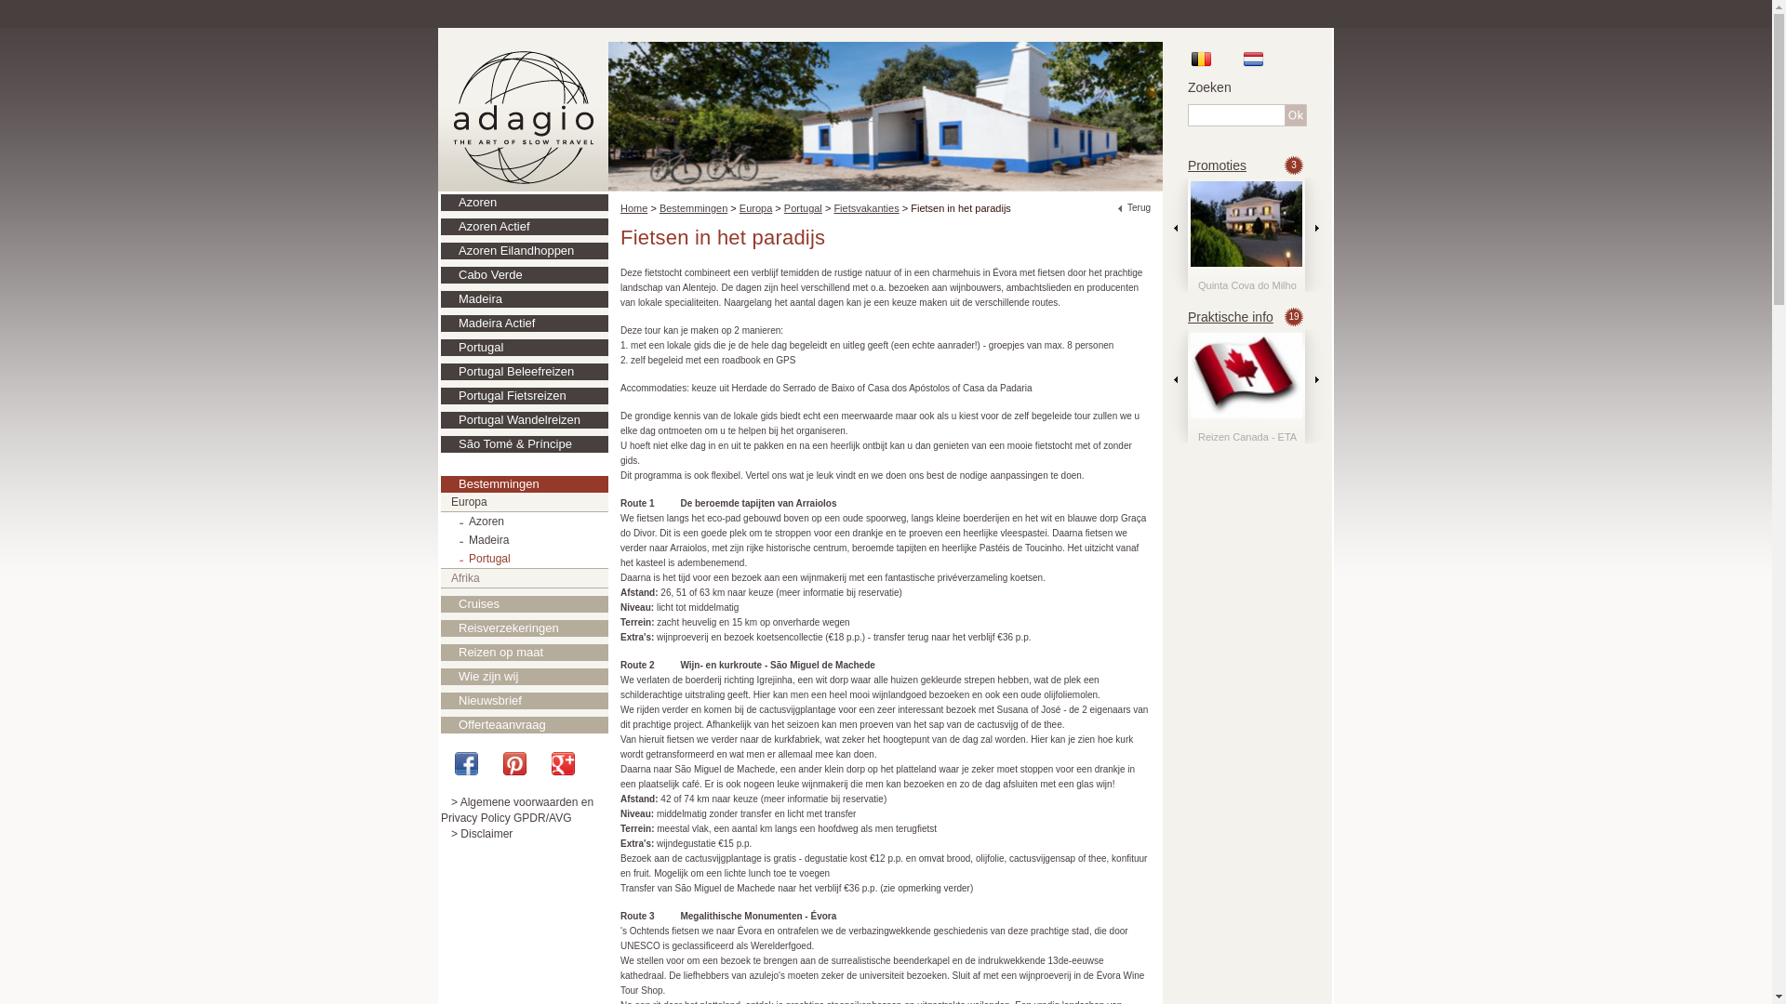 The height and width of the screenshot is (1004, 1786). Describe the element at coordinates (1246, 235) in the screenshot. I see `'Quinta Cova do Milho'` at that location.